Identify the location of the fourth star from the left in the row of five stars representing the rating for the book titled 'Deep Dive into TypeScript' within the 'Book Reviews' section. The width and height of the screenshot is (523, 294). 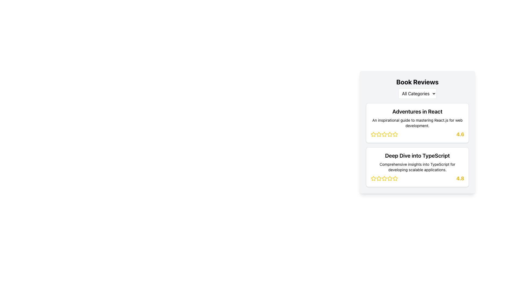
(395, 178).